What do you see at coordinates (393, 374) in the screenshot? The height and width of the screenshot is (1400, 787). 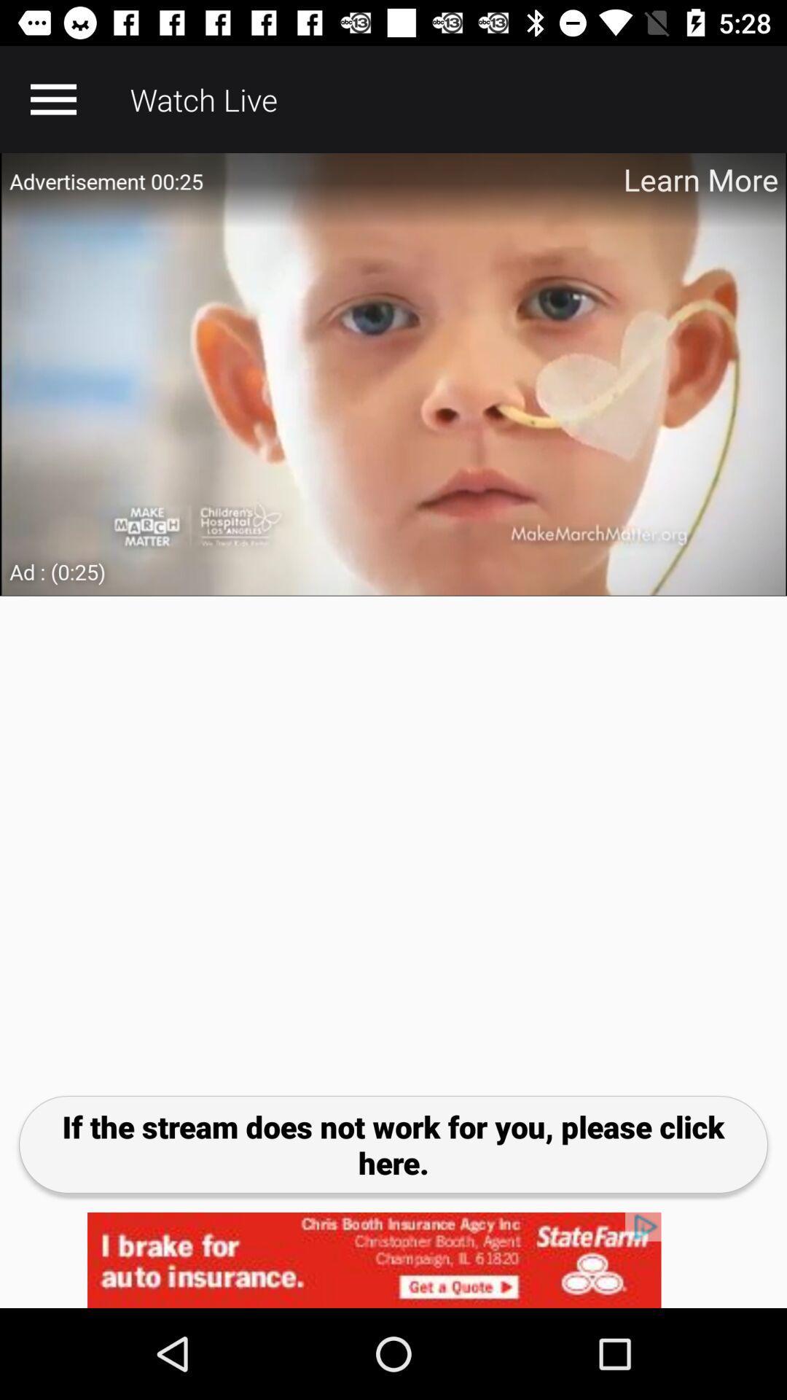 I see `upper video advertisement bar` at bounding box center [393, 374].